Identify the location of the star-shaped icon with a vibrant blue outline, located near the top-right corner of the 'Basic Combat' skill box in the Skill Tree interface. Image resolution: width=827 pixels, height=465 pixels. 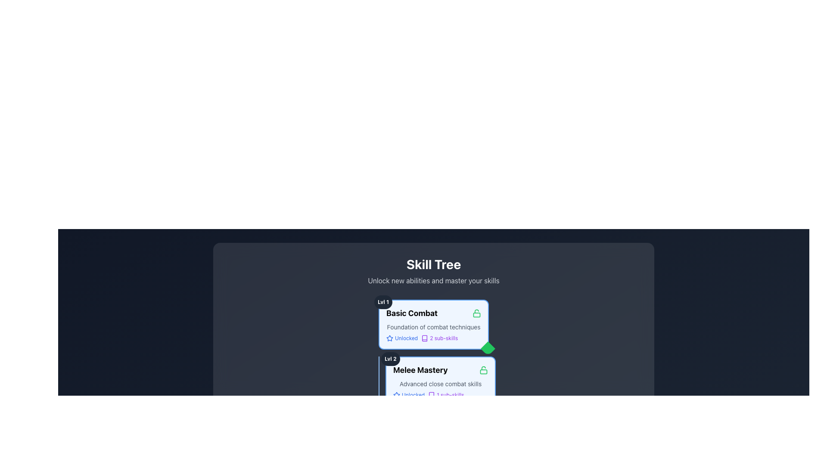
(389, 338).